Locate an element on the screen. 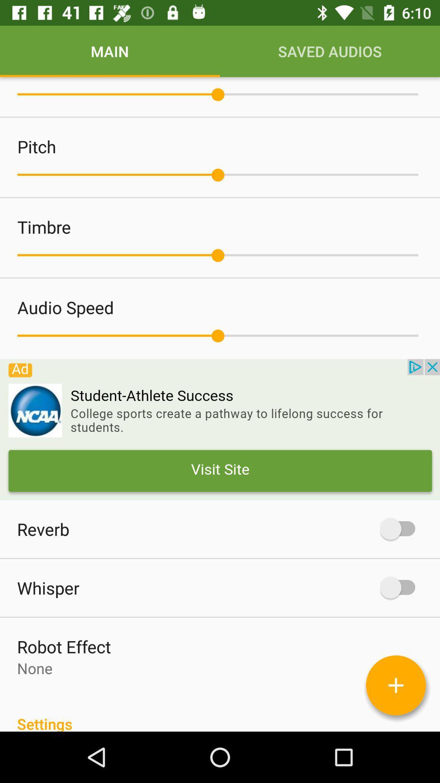 This screenshot has height=783, width=440. the add icon is located at coordinates (396, 685).